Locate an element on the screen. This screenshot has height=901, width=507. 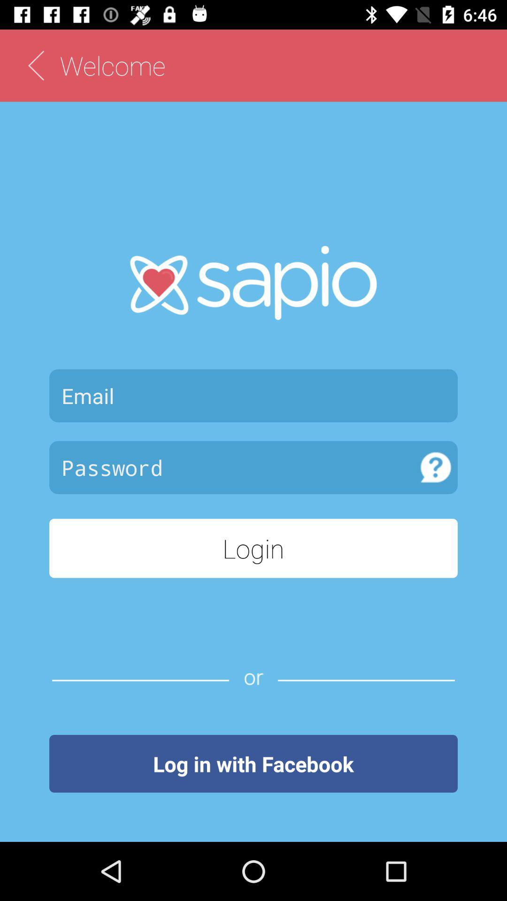
back to home page is located at coordinates (35, 65).